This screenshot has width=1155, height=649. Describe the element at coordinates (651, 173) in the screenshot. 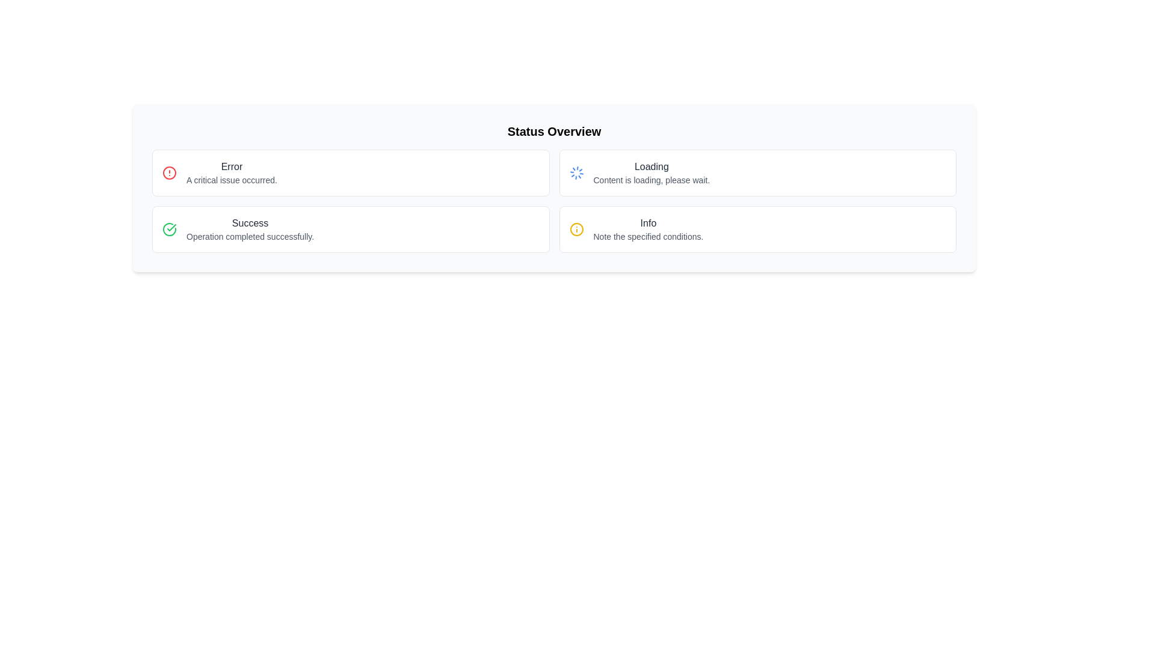

I see `the loading status message displayed in the text content block located in the top-right section of the grid layout, which indicates that content is currently being loaded` at that location.